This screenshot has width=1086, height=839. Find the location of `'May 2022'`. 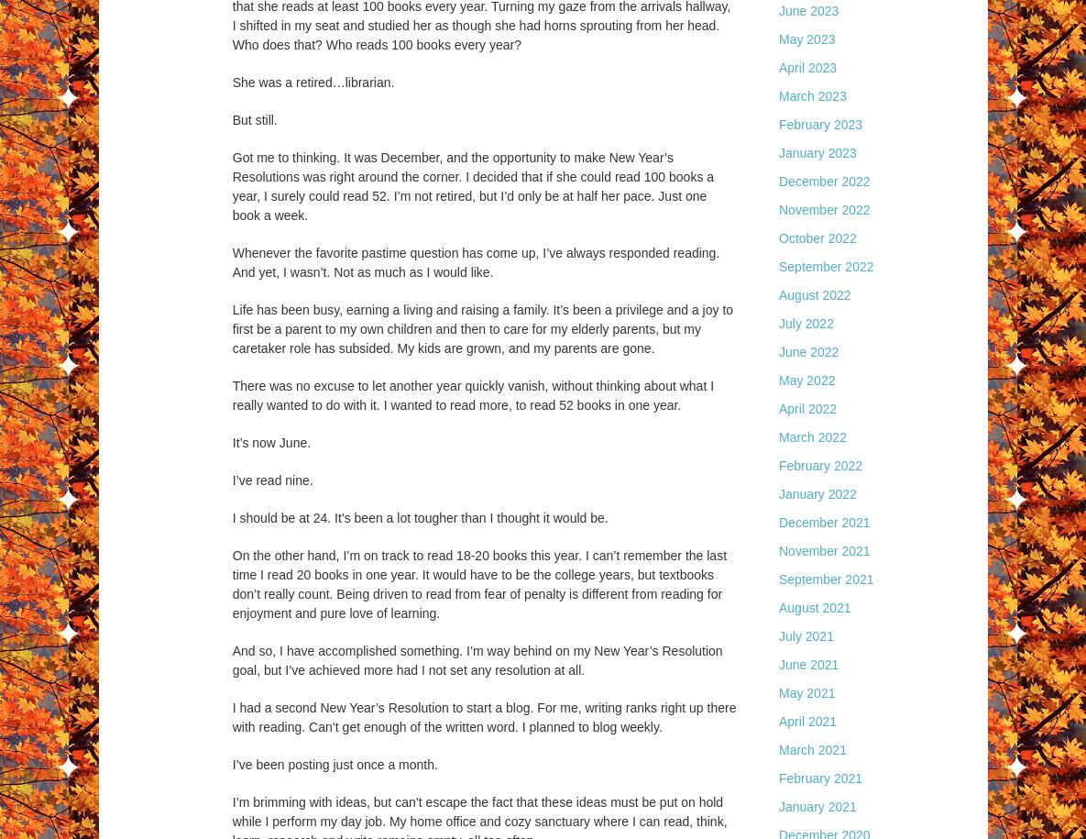

'May 2022' is located at coordinates (806, 381).